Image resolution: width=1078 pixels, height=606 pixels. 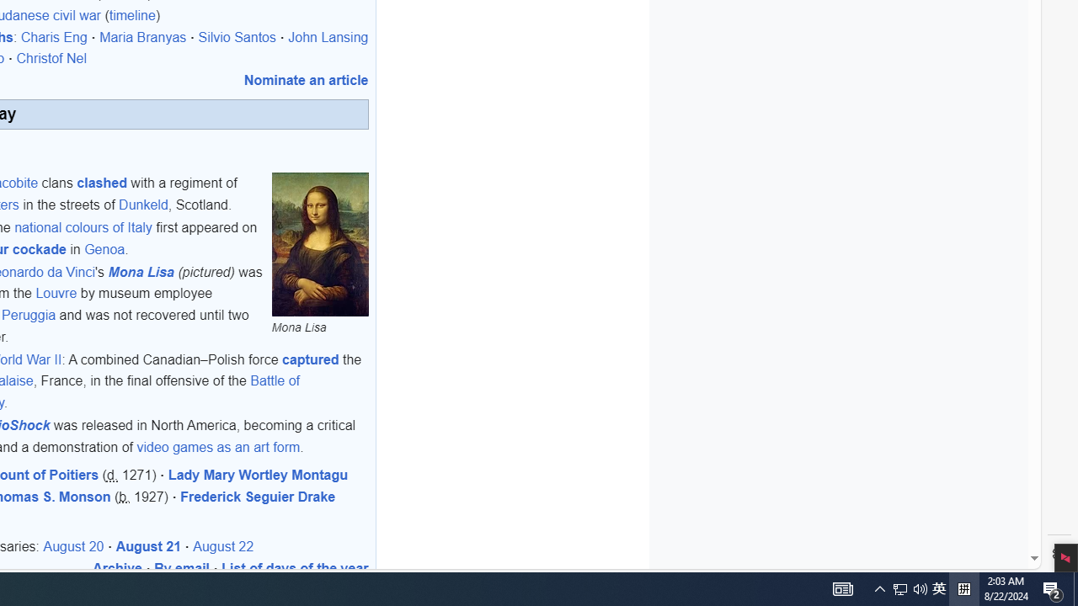 What do you see at coordinates (306, 79) in the screenshot?
I see `'Nominate an article'` at bounding box center [306, 79].